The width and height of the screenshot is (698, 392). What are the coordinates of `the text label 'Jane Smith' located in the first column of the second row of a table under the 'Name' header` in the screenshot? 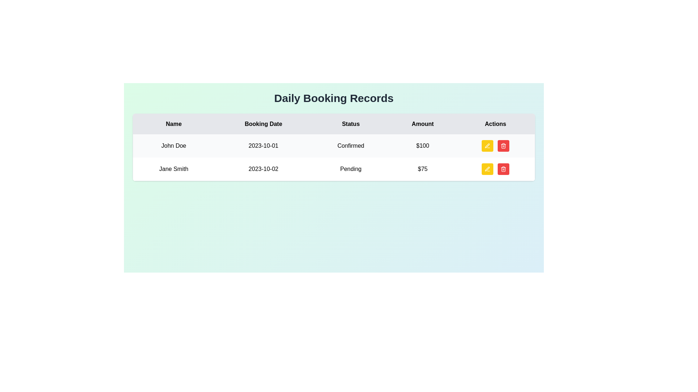 It's located at (173, 169).